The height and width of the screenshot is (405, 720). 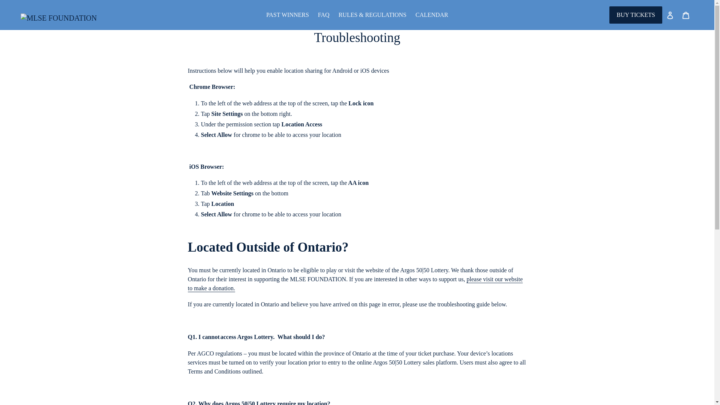 I want to click on 'RULES & REGULATIONS', so click(x=372, y=15).